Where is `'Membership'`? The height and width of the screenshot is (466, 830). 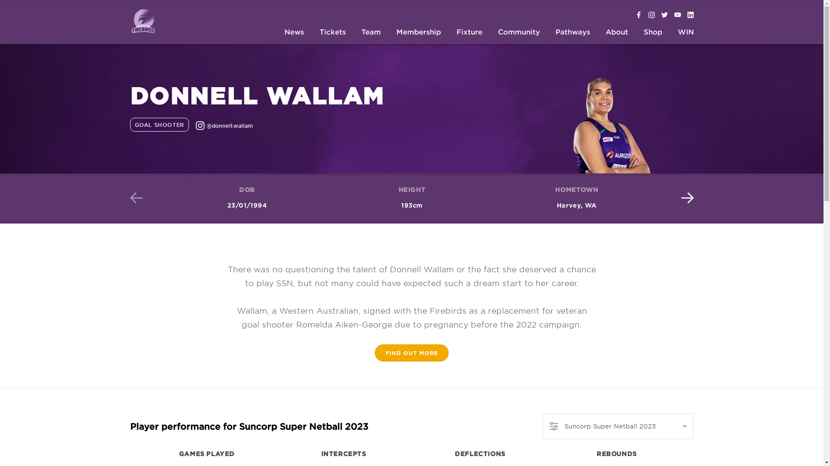
'Membership' is located at coordinates (418, 32).